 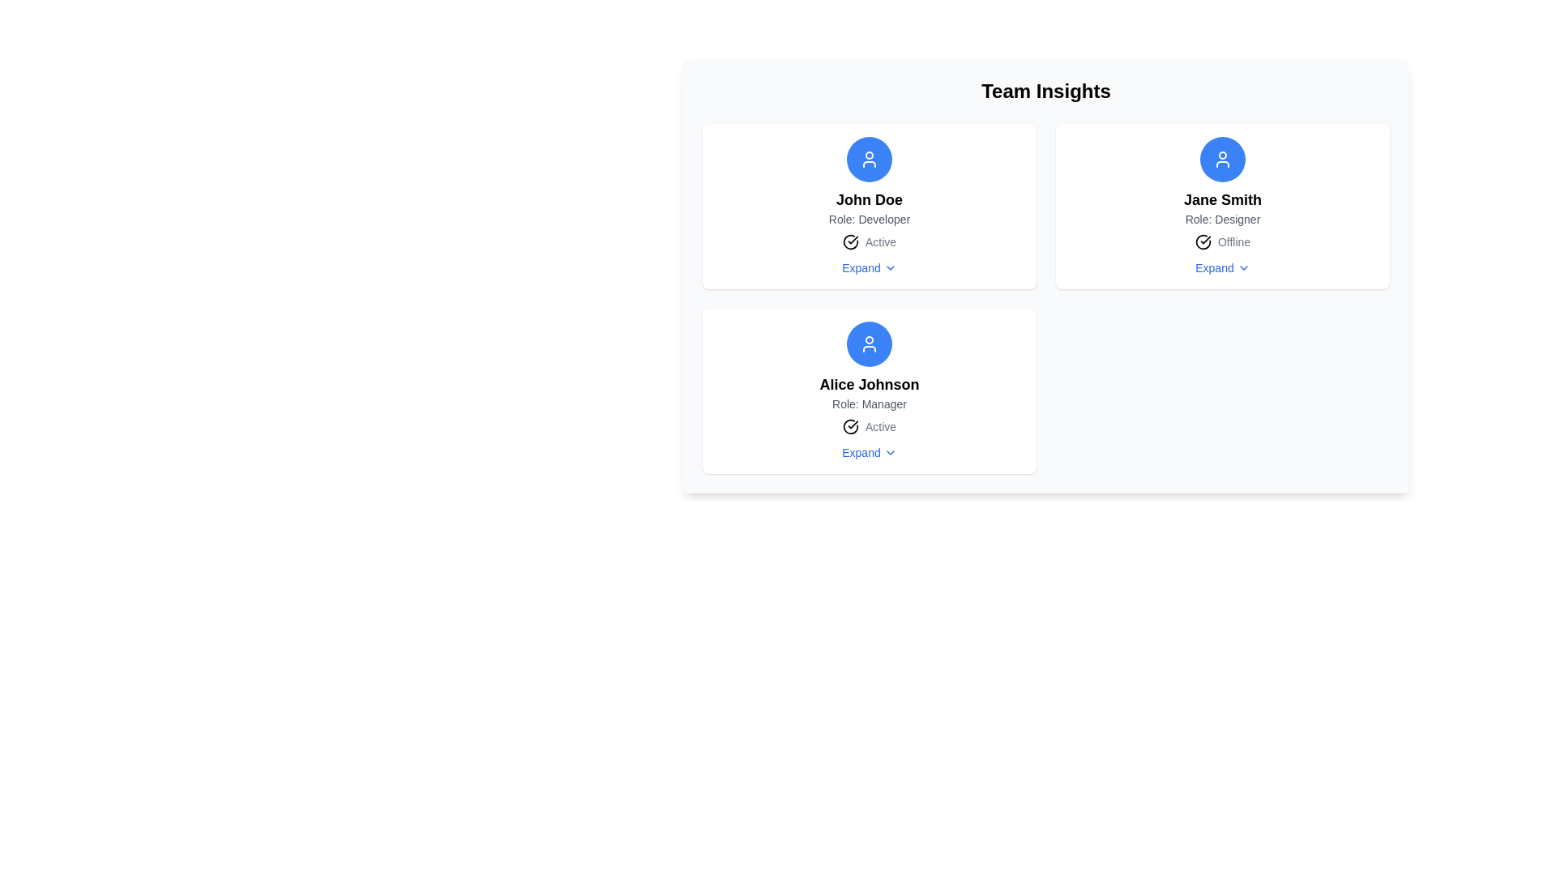 What do you see at coordinates (869, 403) in the screenshot?
I see `the Text Label displaying the job title 'Manager' for the individual 'Alice Johnson', which is located under her name label and above the 'Active' status indicator` at bounding box center [869, 403].